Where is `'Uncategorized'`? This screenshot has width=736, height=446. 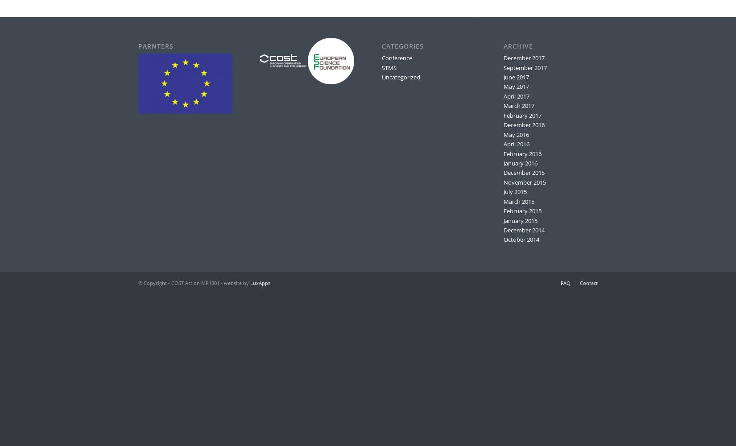 'Uncategorized' is located at coordinates (400, 77).